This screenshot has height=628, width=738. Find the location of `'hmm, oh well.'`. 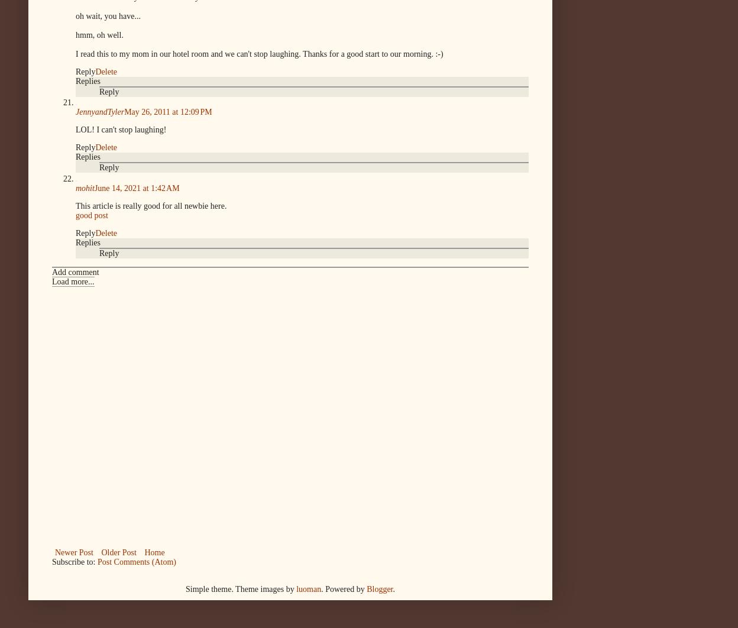

'hmm, oh well.' is located at coordinates (76, 34).